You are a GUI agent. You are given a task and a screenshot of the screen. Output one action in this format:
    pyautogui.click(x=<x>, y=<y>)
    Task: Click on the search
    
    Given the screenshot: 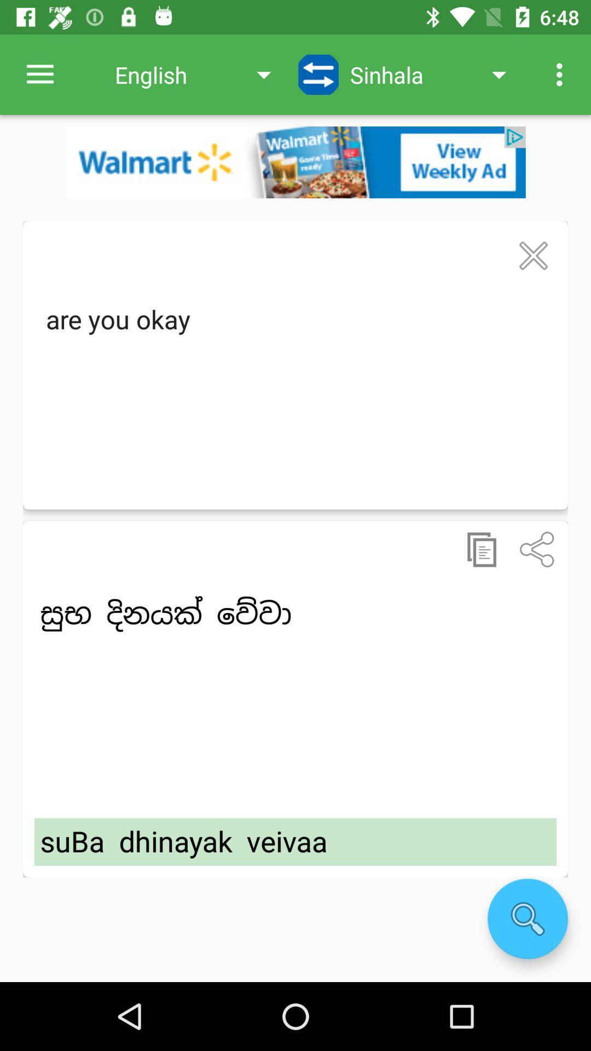 What is the action you would take?
    pyautogui.click(x=527, y=919)
    